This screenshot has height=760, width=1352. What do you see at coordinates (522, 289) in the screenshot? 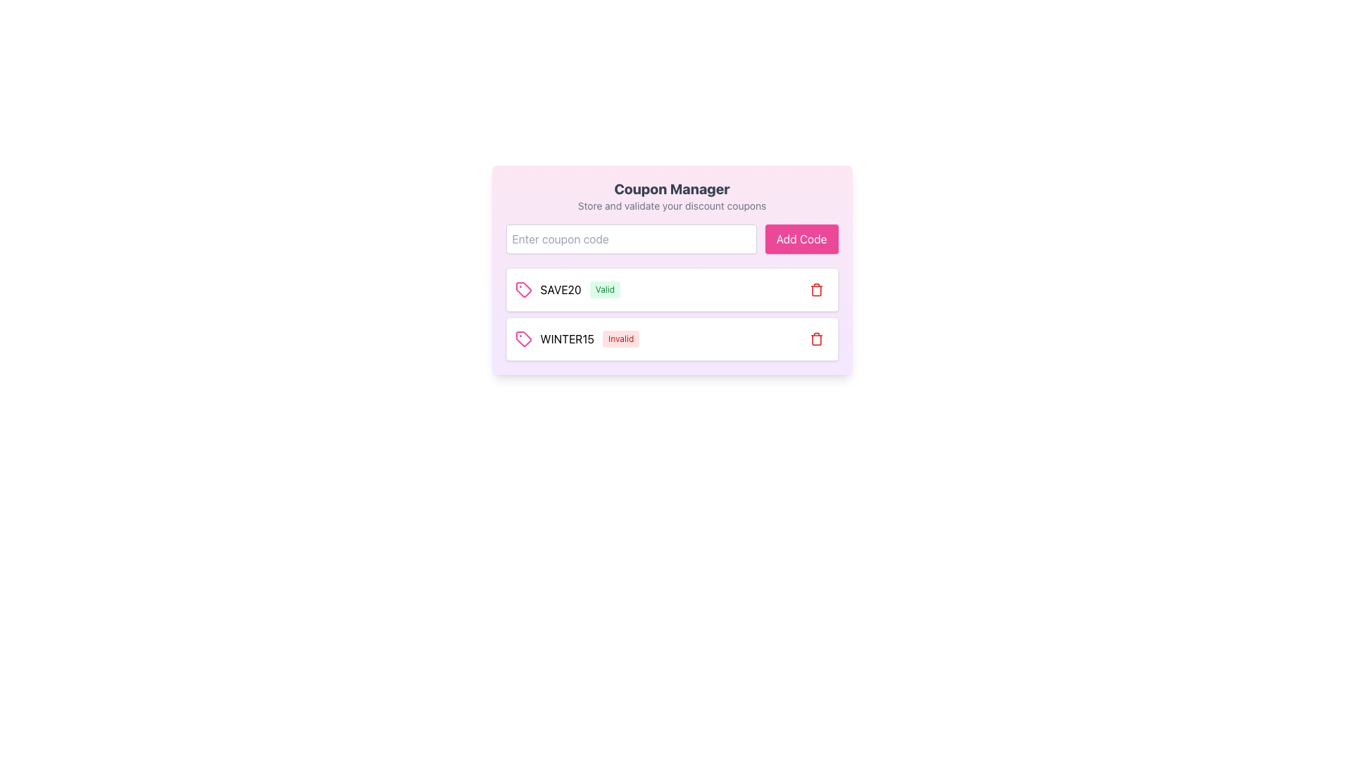
I see `the stylized tag icon with a pink outline located in the top entry of the coupon list, aligned with the text 'SAVE20' and its status 'Valid'` at bounding box center [522, 289].